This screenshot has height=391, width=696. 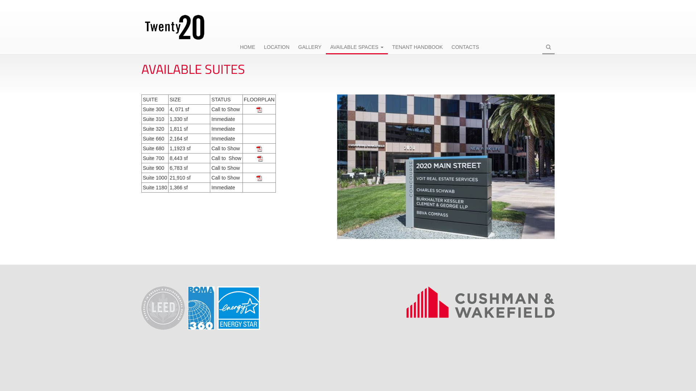 I want to click on '2020_-_Suite_700.pdf', so click(x=260, y=157).